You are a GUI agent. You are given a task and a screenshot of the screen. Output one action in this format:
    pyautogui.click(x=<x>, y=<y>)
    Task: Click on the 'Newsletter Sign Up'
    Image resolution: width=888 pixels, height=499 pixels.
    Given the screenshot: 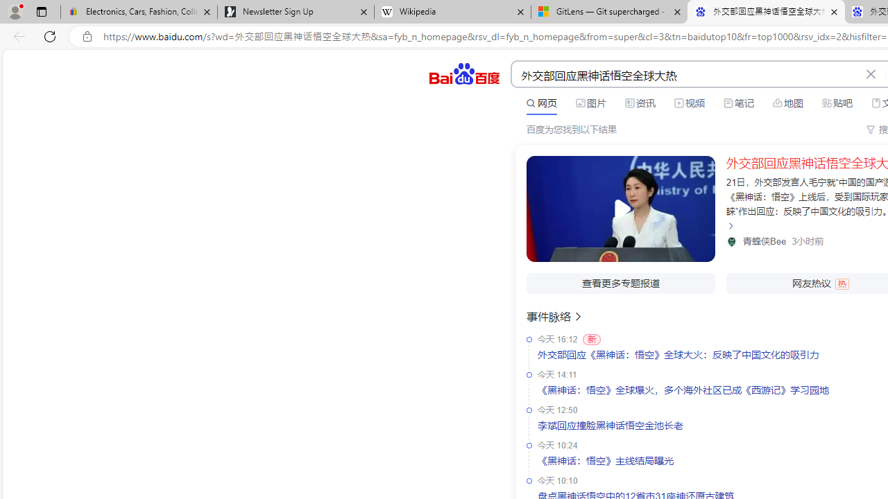 What is the action you would take?
    pyautogui.click(x=295, y=12)
    